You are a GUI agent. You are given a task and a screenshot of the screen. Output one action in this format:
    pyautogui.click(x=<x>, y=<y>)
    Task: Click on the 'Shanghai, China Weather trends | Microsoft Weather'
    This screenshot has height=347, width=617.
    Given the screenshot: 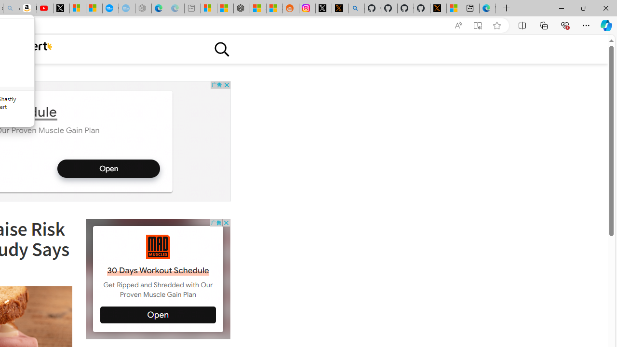 What is the action you would take?
    pyautogui.click(x=274, y=8)
    